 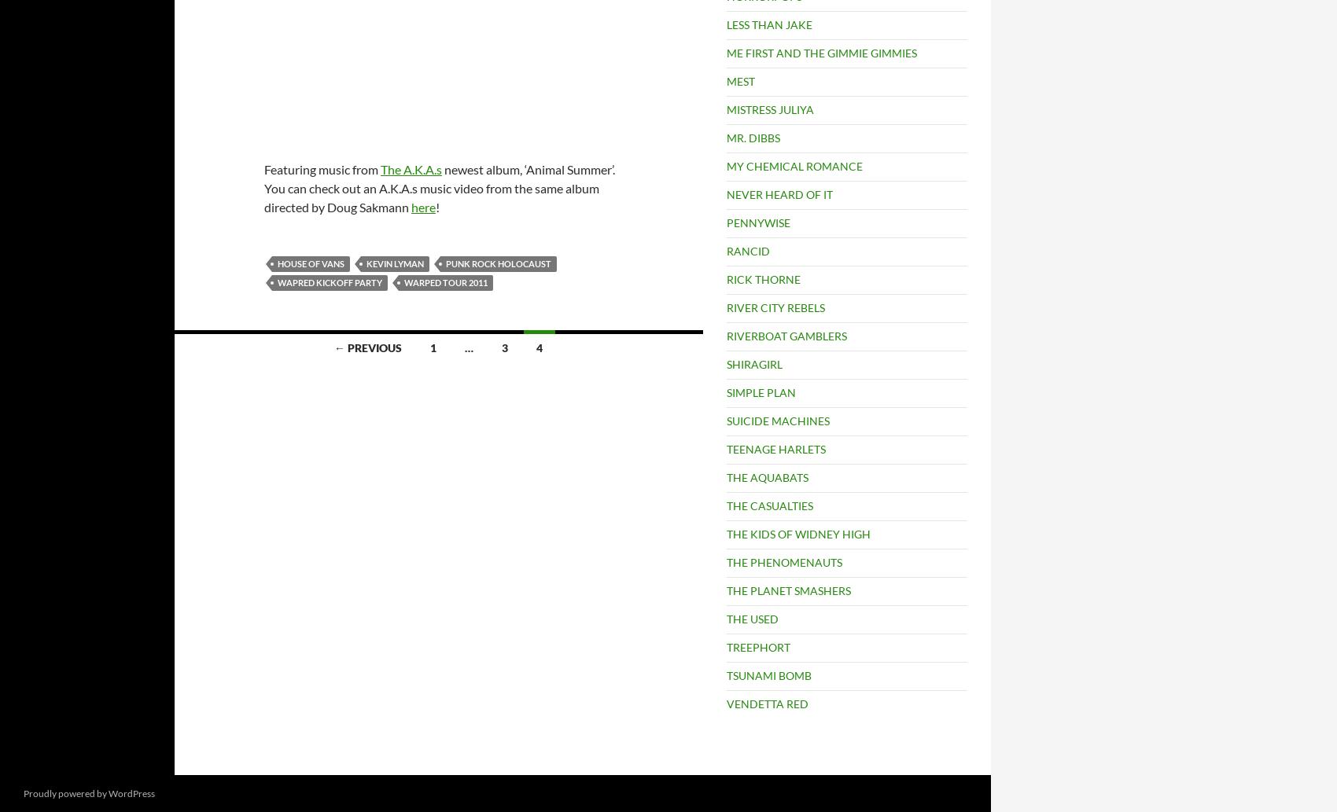 What do you see at coordinates (763, 279) in the screenshot?
I see `'RICK THORNE'` at bounding box center [763, 279].